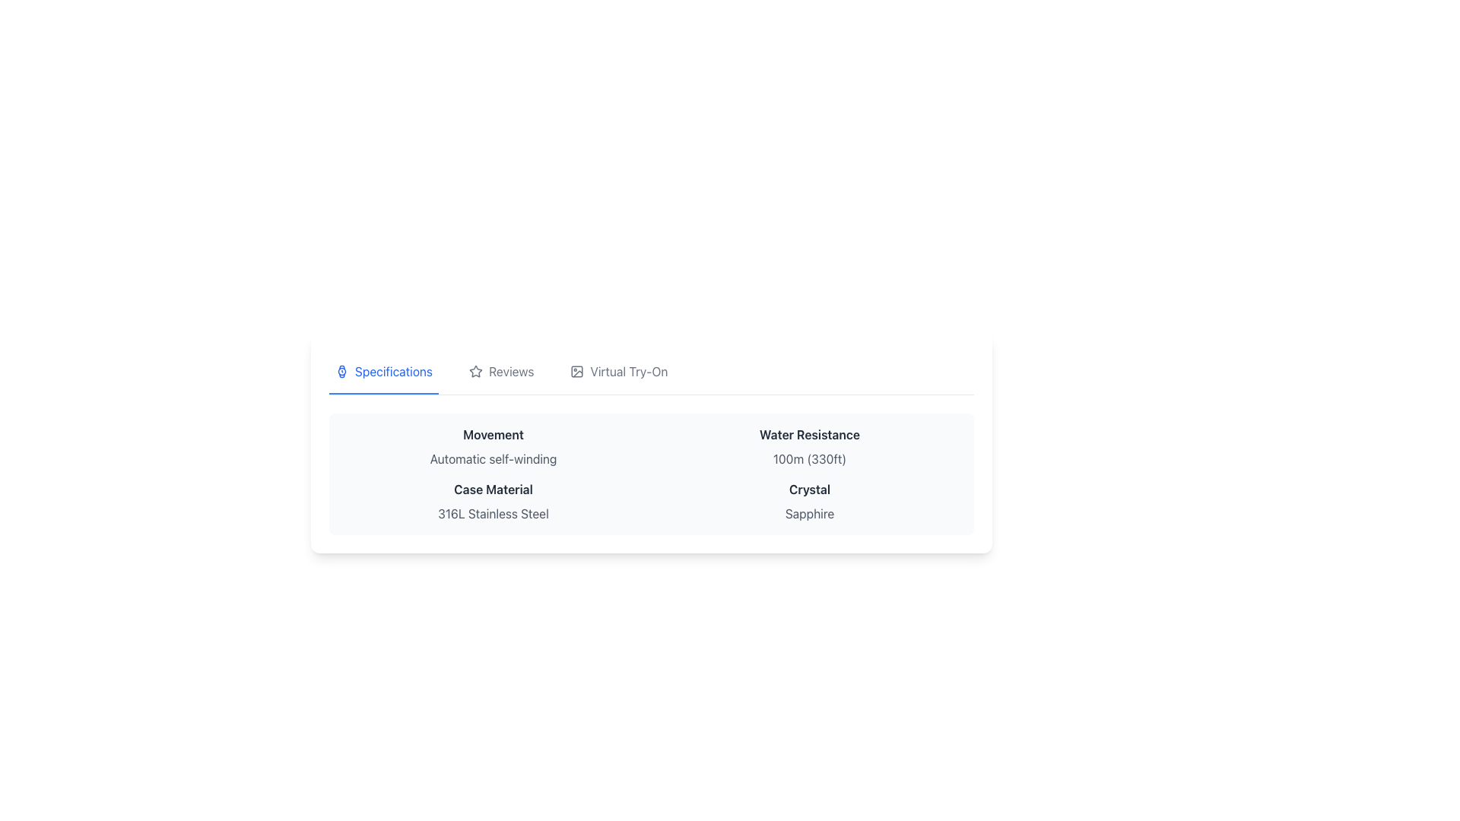 The height and width of the screenshot is (821, 1460). What do you see at coordinates (809, 458) in the screenshot?
I see `the text label displaying '100m (330ft)' which is styled in gray and positioned below 'Water Resistance'` at bounding box center [809, 458].